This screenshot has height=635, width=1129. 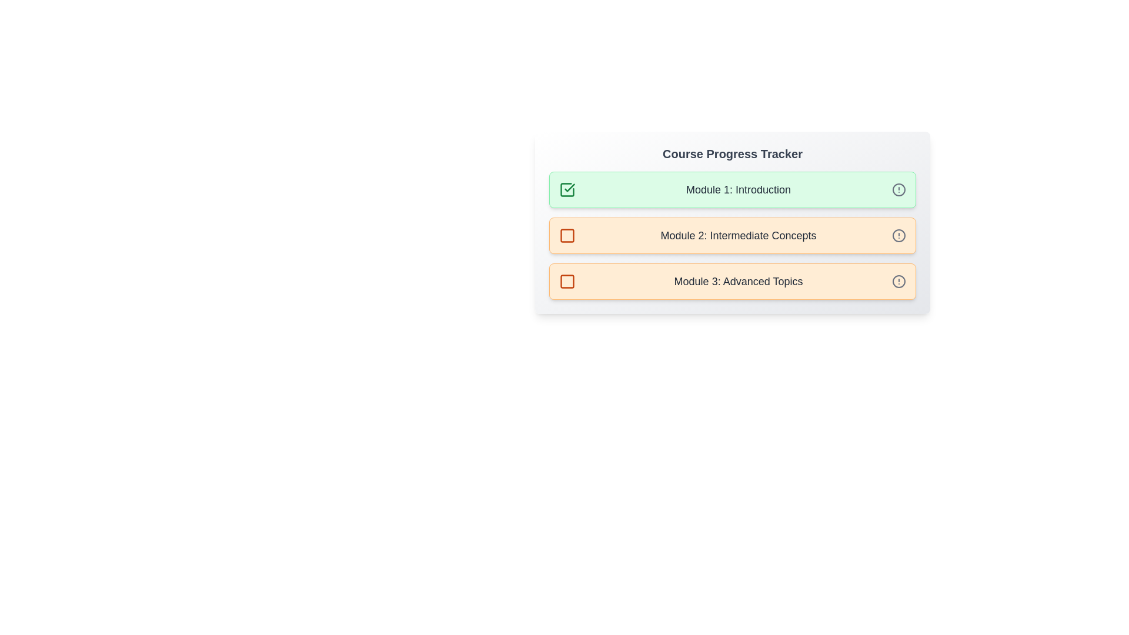 I want to click on the informational icon for module 3, so click(x=898, y=281).